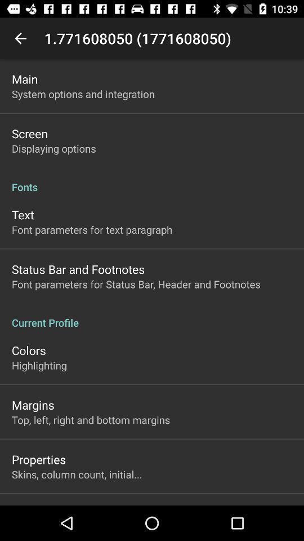  Describe the element at coordinates (25, 78) in the screenshot. I see `app above the system options and app` at that location.